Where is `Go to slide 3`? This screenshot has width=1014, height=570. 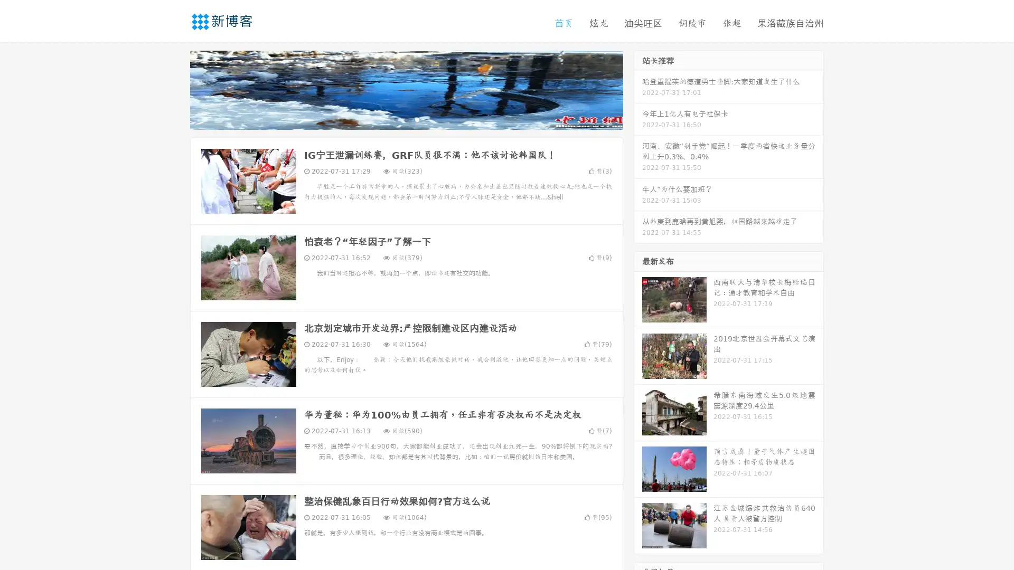 Go to slide 3 is located at coordinates (417, 119).